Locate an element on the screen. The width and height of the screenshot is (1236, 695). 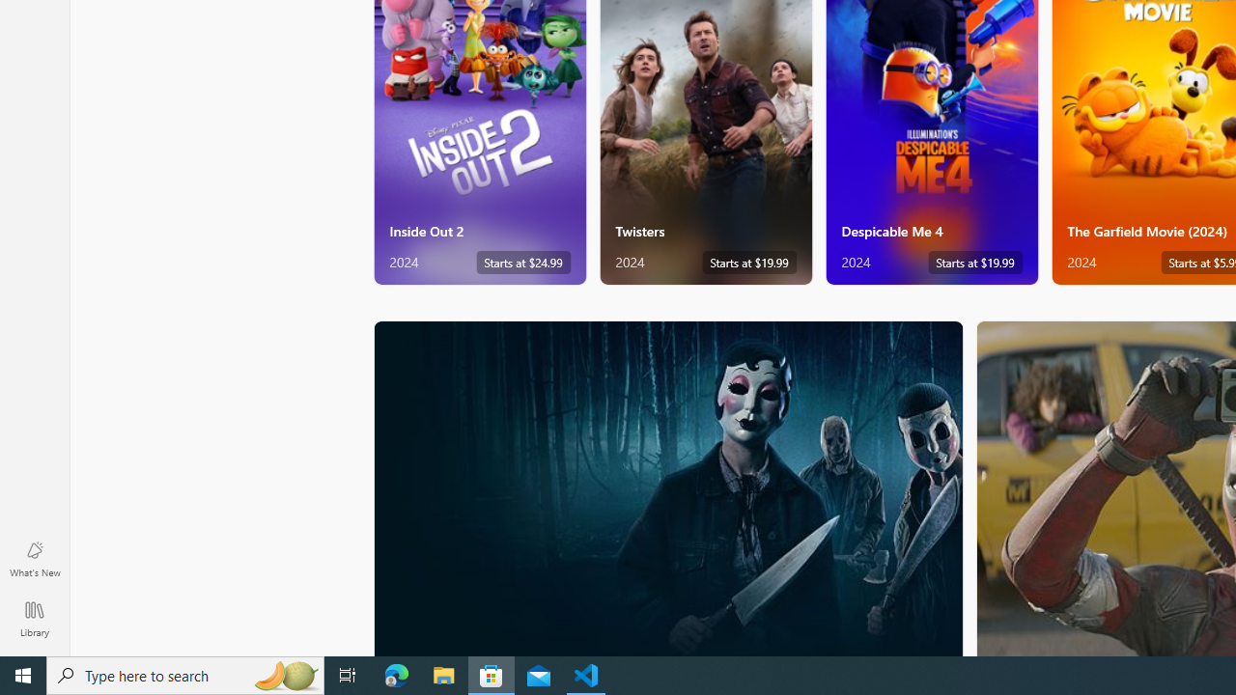
'Library' is located at coordinates (34, 618).